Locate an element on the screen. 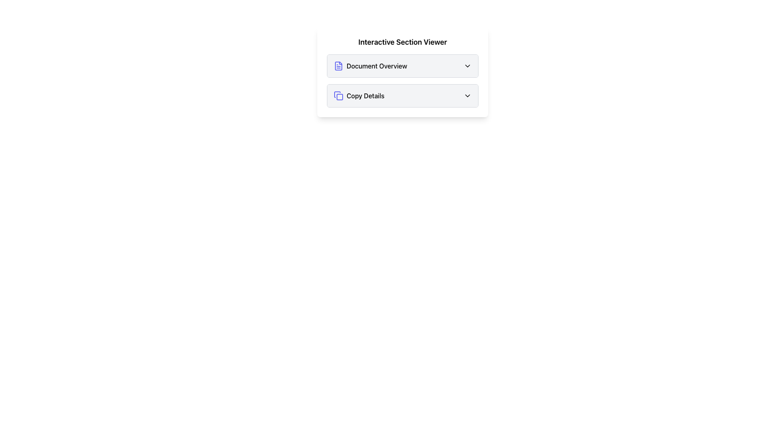  the Chevron Down Indicator at the far-right edge of the Document Overview section is located at coordinates (468, 66).